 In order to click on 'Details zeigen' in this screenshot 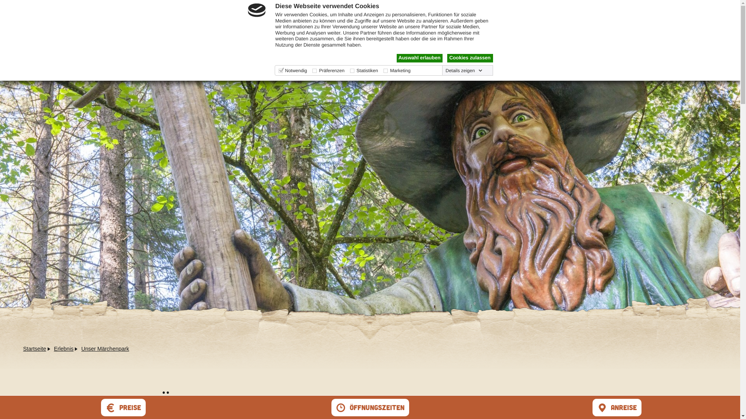, I will do `click(464, 70)`.